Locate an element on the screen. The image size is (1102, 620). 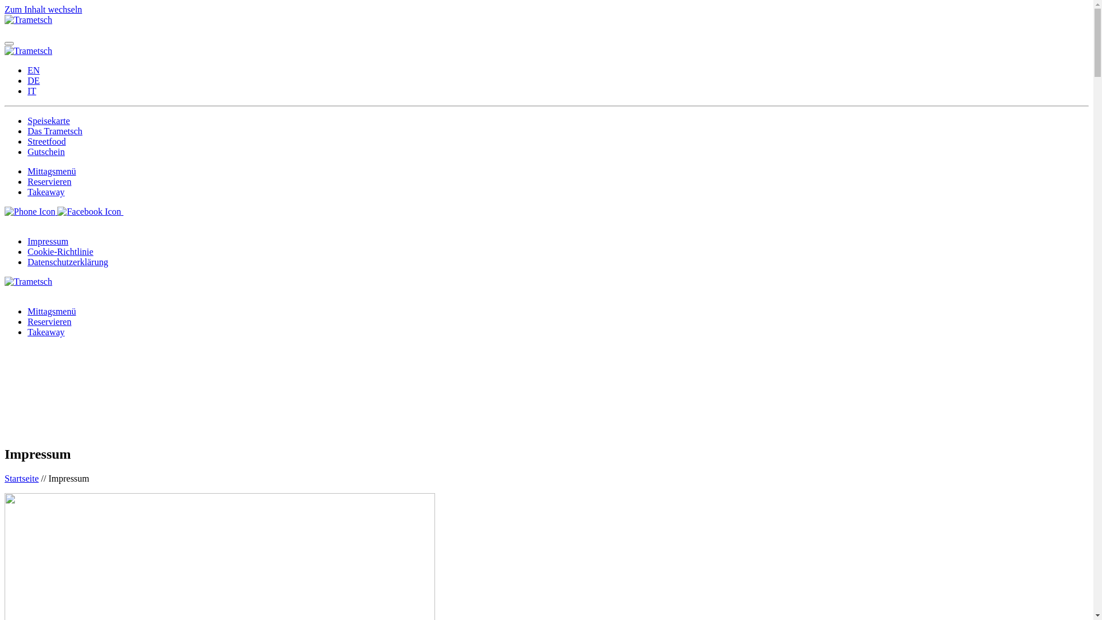
'Cookie-Richtlinie' is located at coordinates (60, 251).